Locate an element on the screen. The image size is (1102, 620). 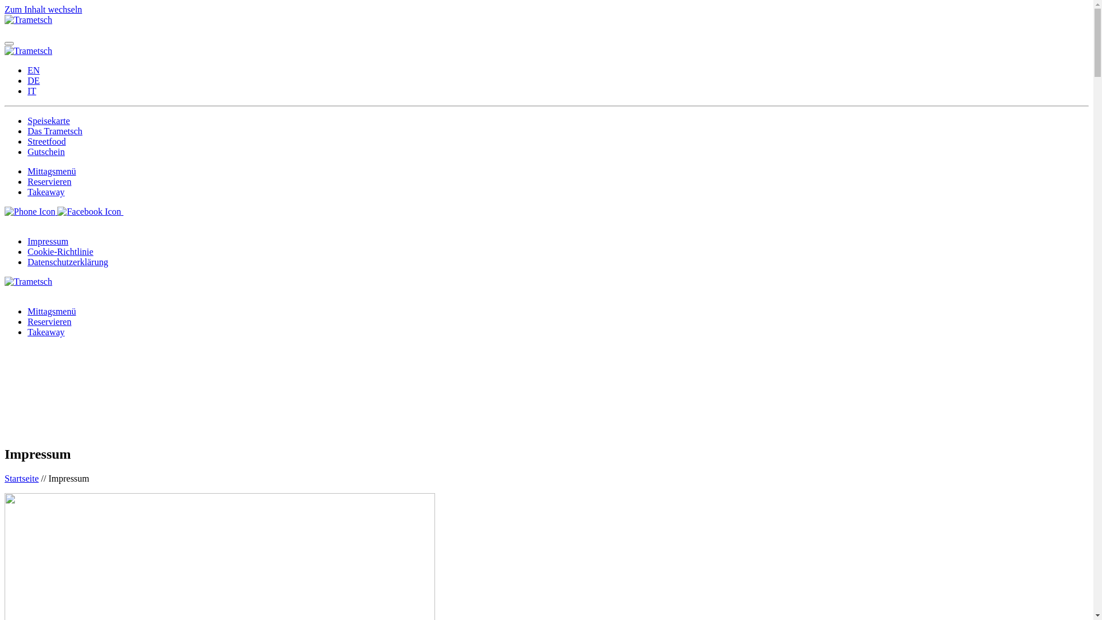
'Cookie-Richtlinie' is located at coordinates (60, 251).